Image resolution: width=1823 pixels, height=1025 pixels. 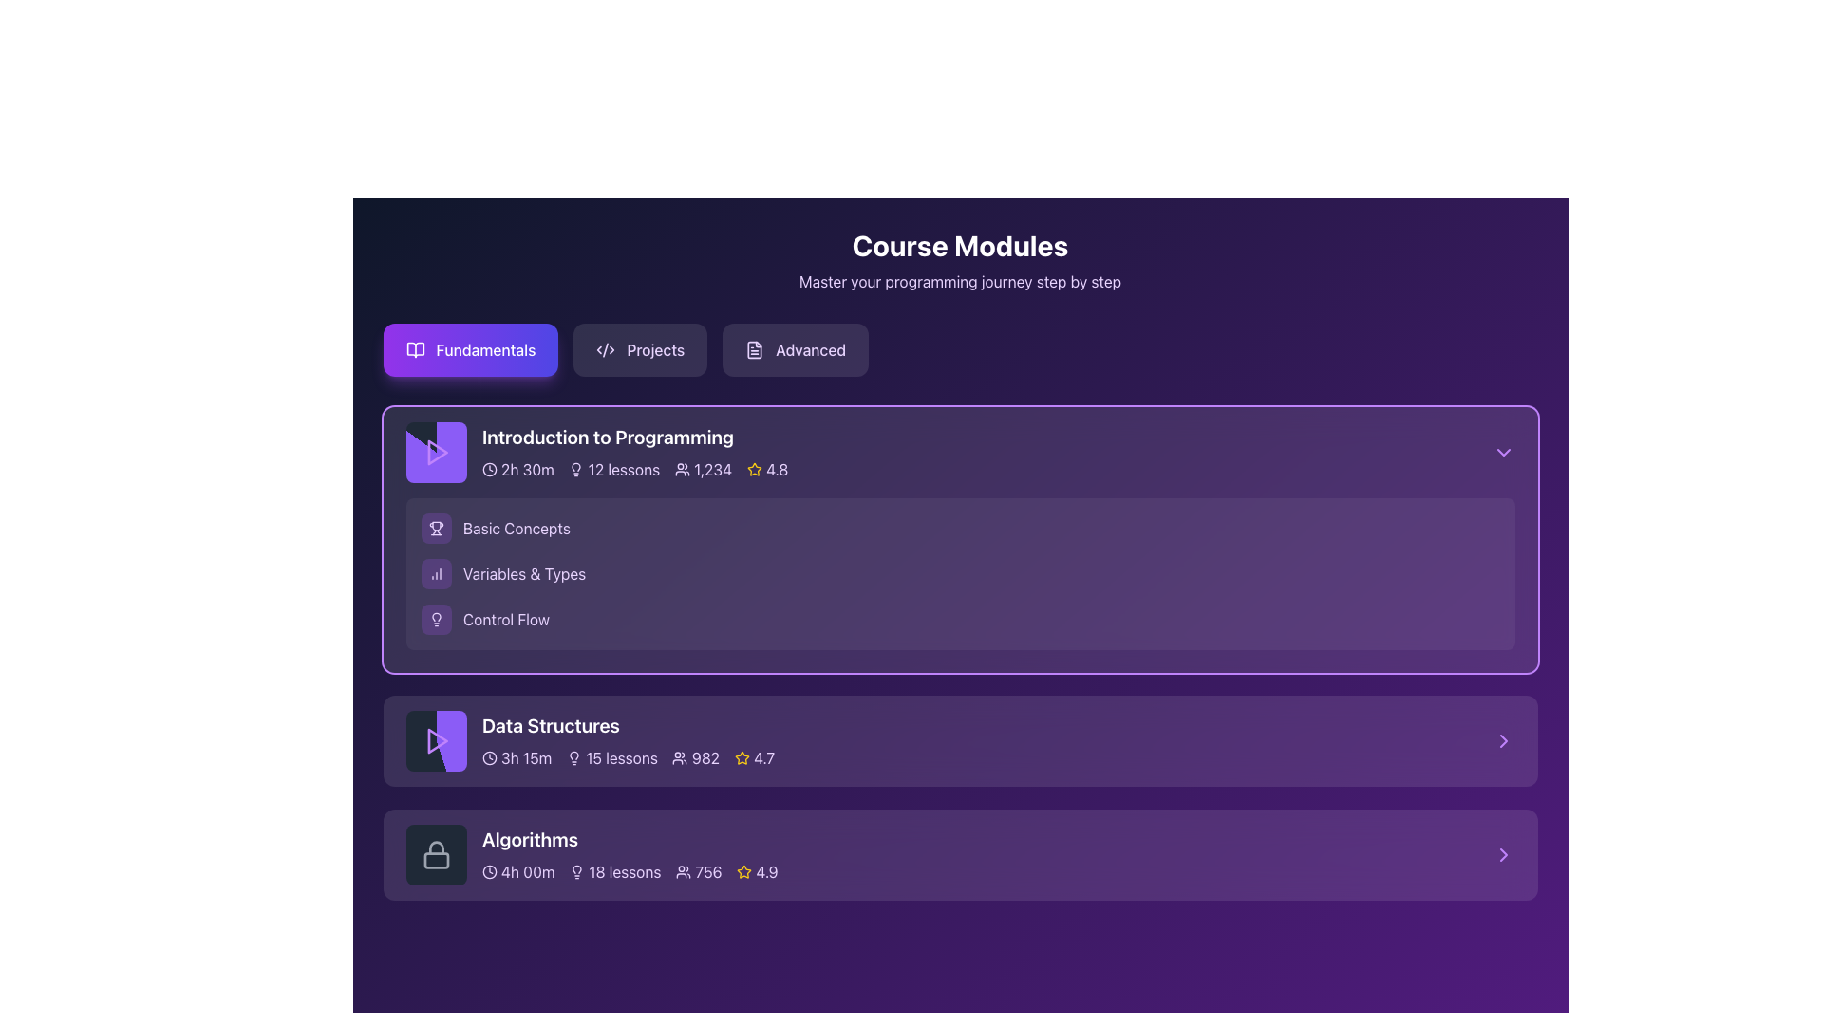 What do you see at coordinates (680, 756) in the screenshot?
I see `the SVG icon representing a group of people located in the 'Data Structures' section, adjacent to the number '982'` at bounding box center [680, 756].